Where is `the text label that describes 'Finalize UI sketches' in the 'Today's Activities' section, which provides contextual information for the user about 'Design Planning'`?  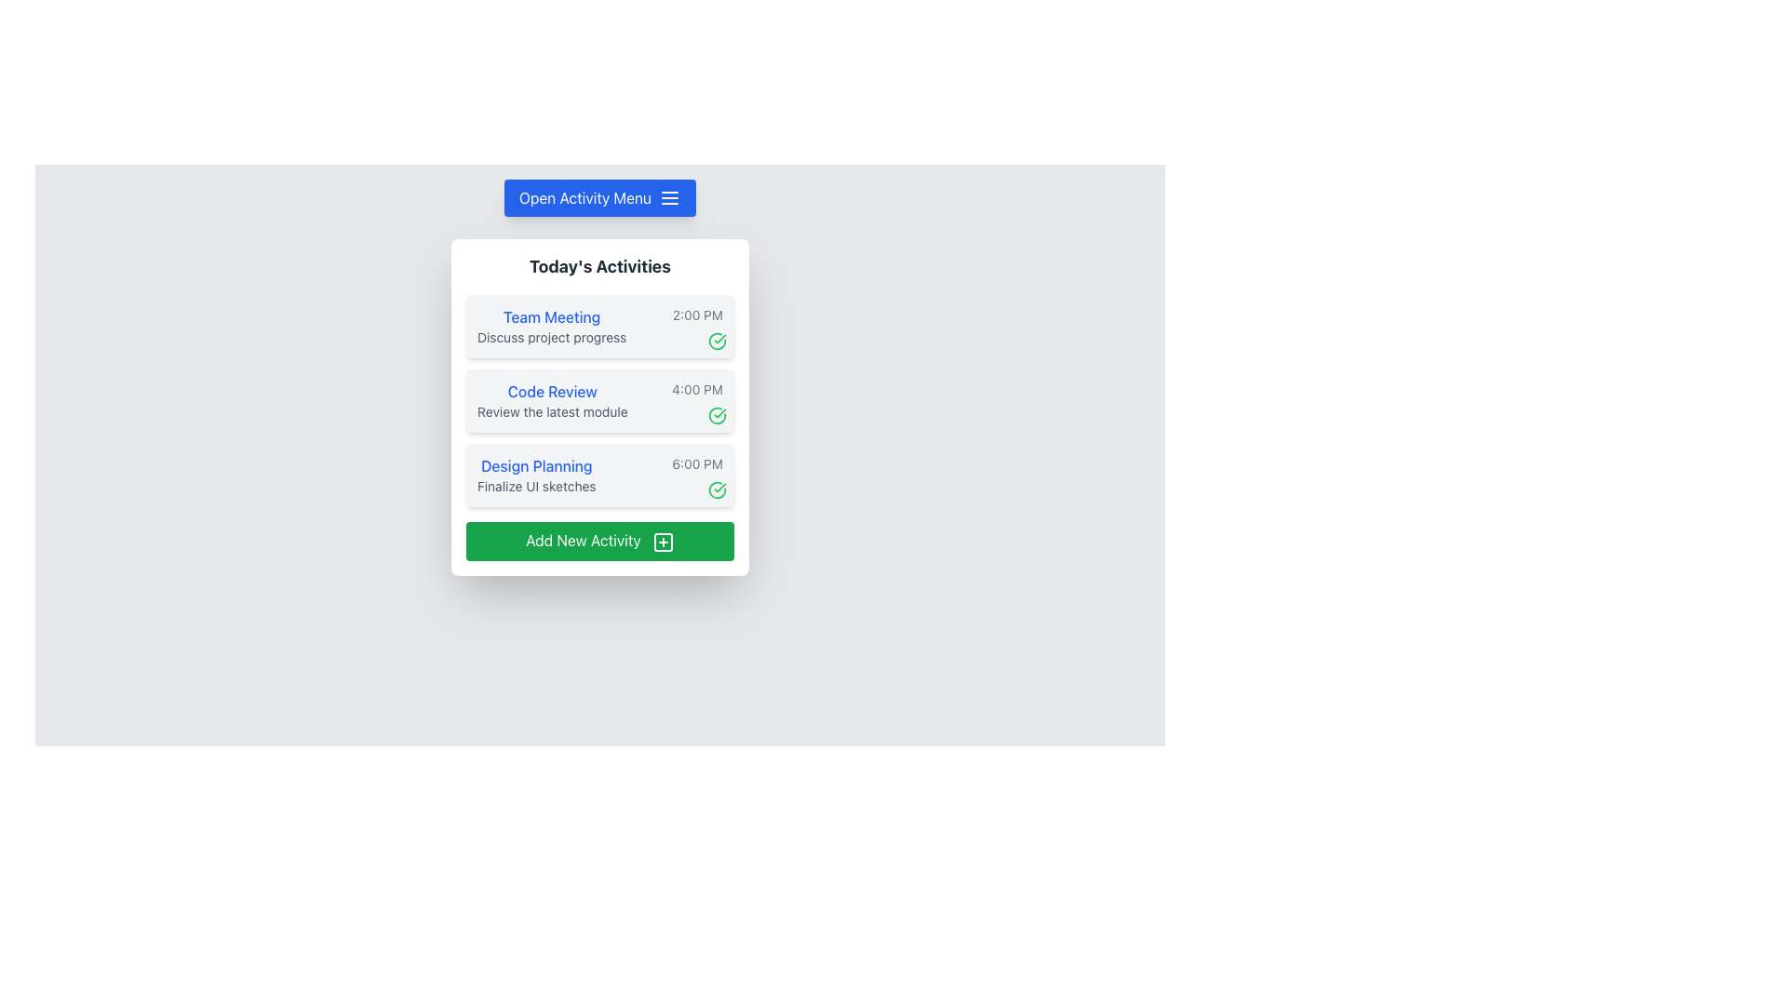
the text label that describes 'Finalize UI sketches' in the 'Today's Activities' section, which provides contextual information for the user about 'Design Planning' is located at coordinates (535, 486).